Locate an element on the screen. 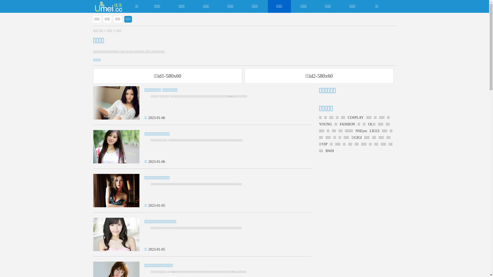  'YOUNG' is located at coordinates (326, 124).